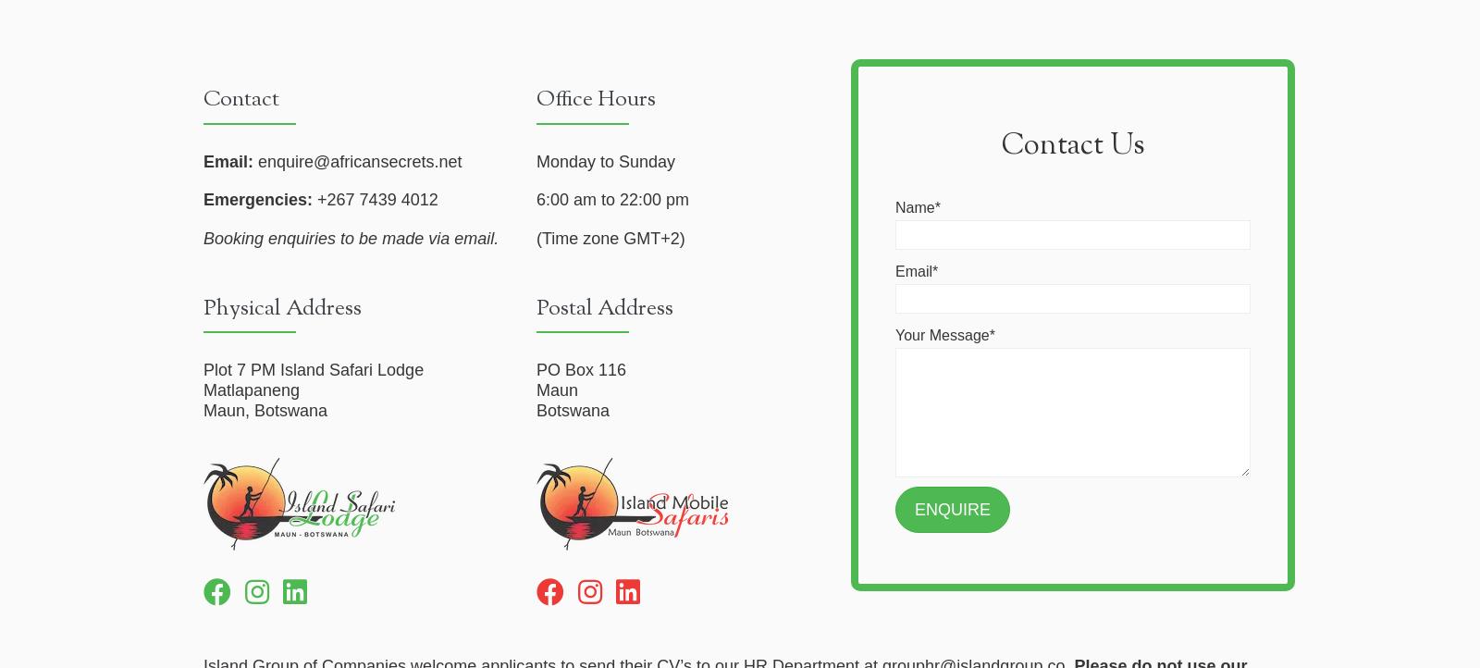 The width and height of the screenshot is (1480, 668). What do you see at coordinates (894, 270) in the screenshot?
I see `'Email'` at bounding box center [894, 270].